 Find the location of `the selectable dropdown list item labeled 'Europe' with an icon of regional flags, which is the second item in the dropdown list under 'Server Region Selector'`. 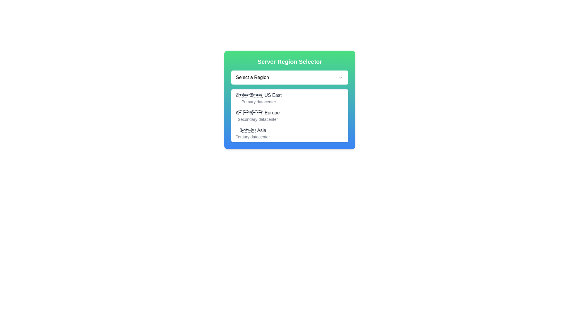

the selectable dropdown list item labeled 'Europe' with an icon of regional flags, which is the second item in the dropdown list under 'Server Region Selector' is located at coordinates (258, 116).